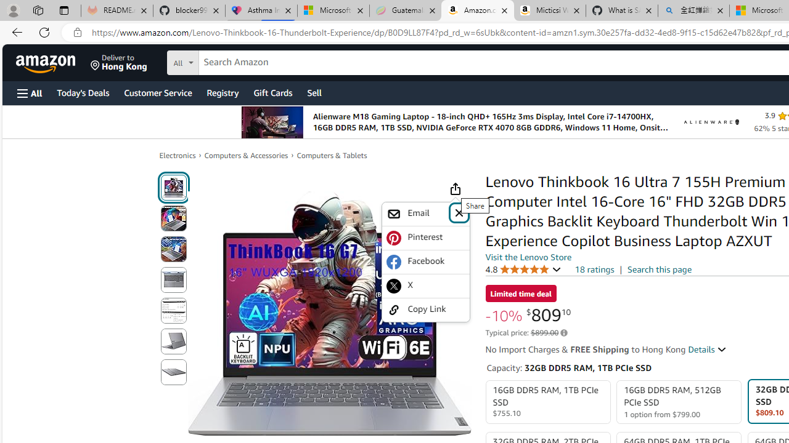 The width and height of the screenshot is (789, 443). Describe the element at coordinates (425, 237) in the screenshot. I see `'Pinterest'` at that location.